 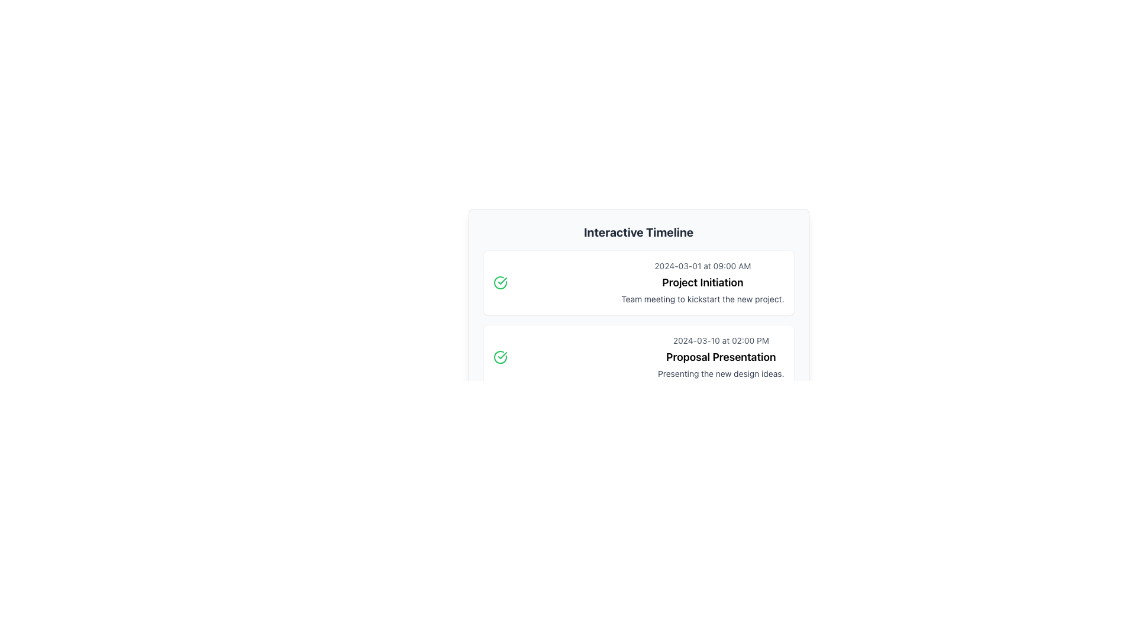 What do you see at coordinates (702, 266) in the screenshot?
I see `date and time information from the text label located at the top section of the timeline interface, above 'Project Initiation'` at bounding box center [702, 266].